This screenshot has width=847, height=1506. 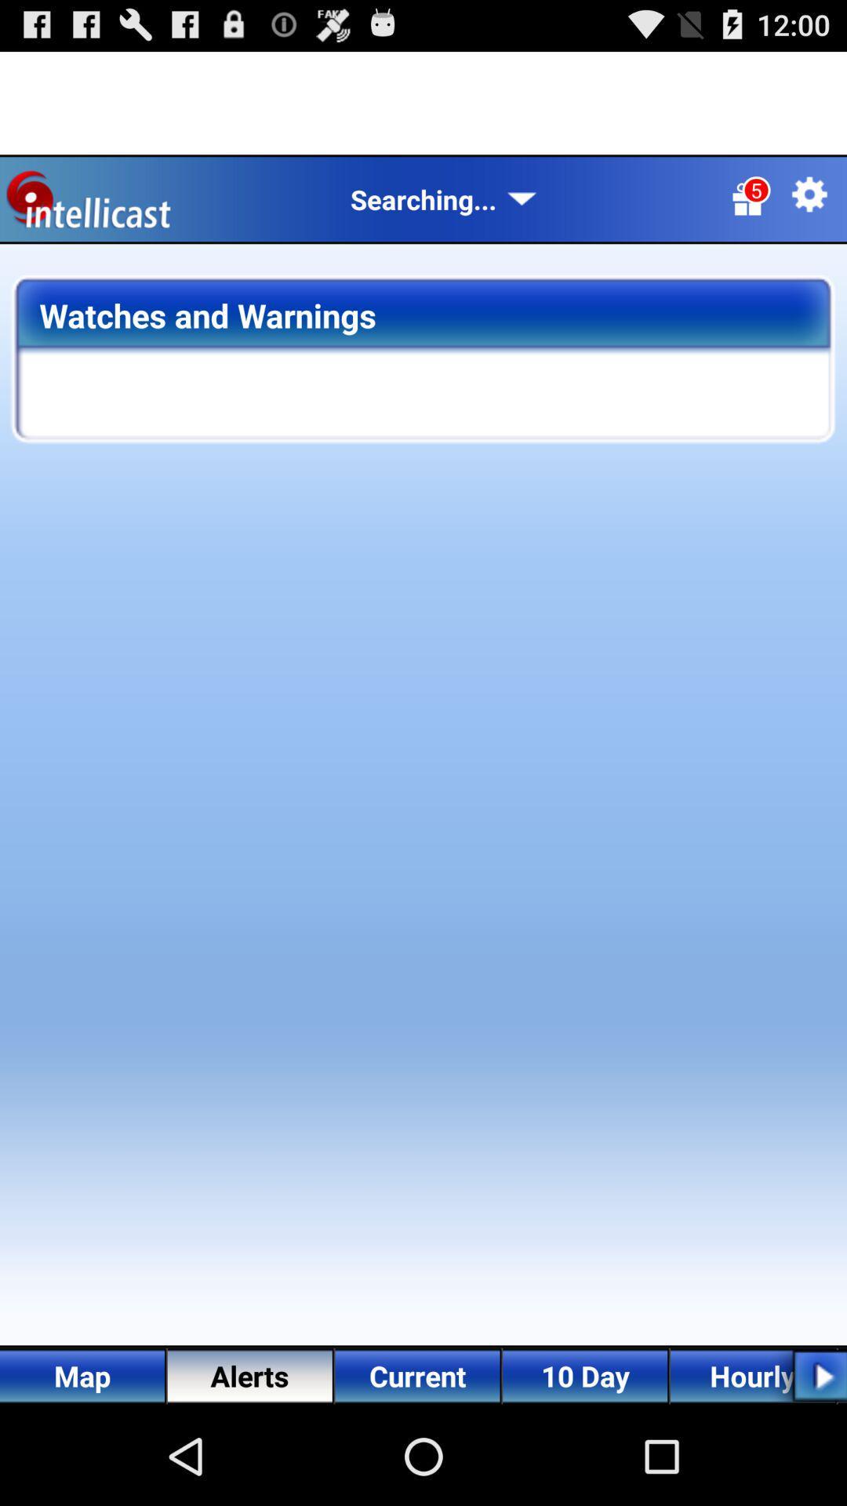 What do you see at coordinates (747, 198) in the screenshot?
I see `the gift icon in which numeric 5 is there` at bounding box center [747, 198].